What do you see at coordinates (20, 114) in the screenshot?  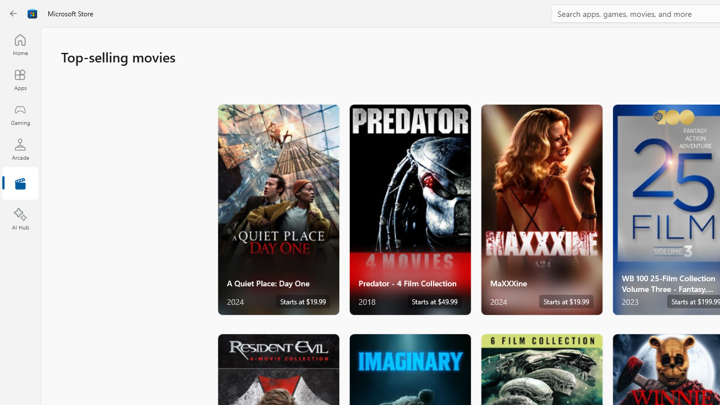 I see `'Gaming'` at bounding box center [20, 114].